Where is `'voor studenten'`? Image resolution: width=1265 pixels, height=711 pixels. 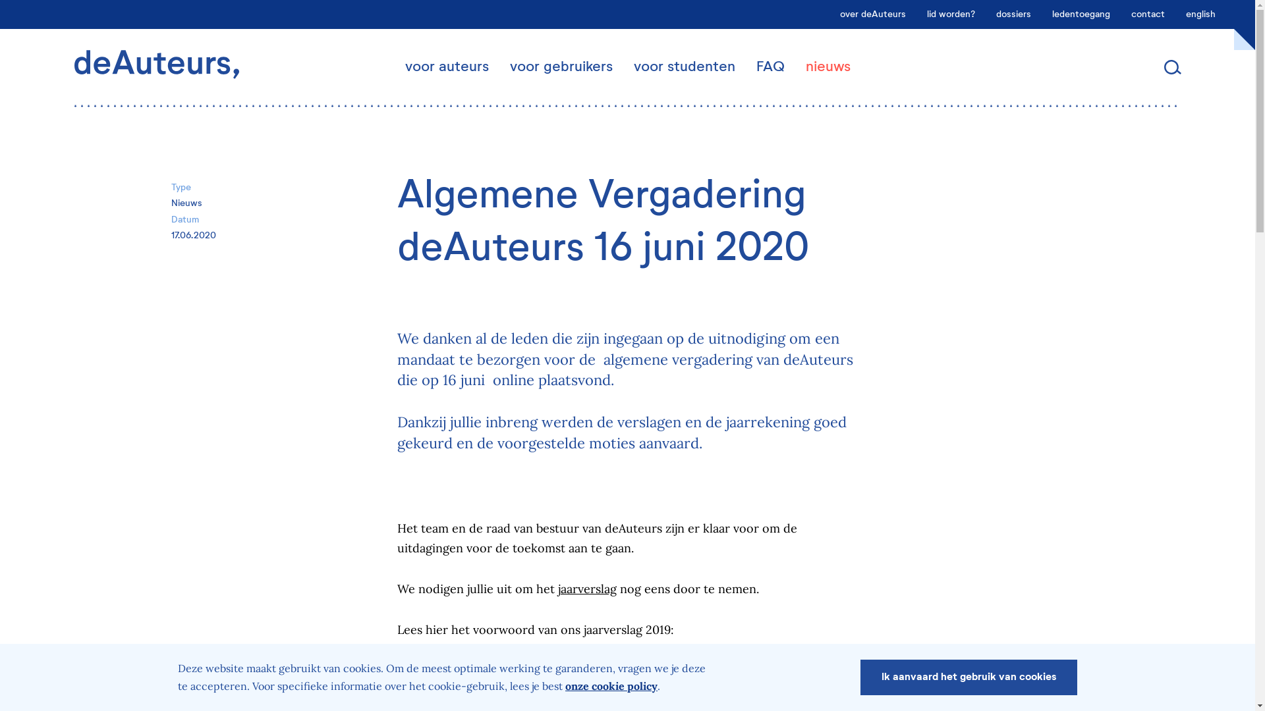 'voor studenten' is located at coordinates (684, 67).